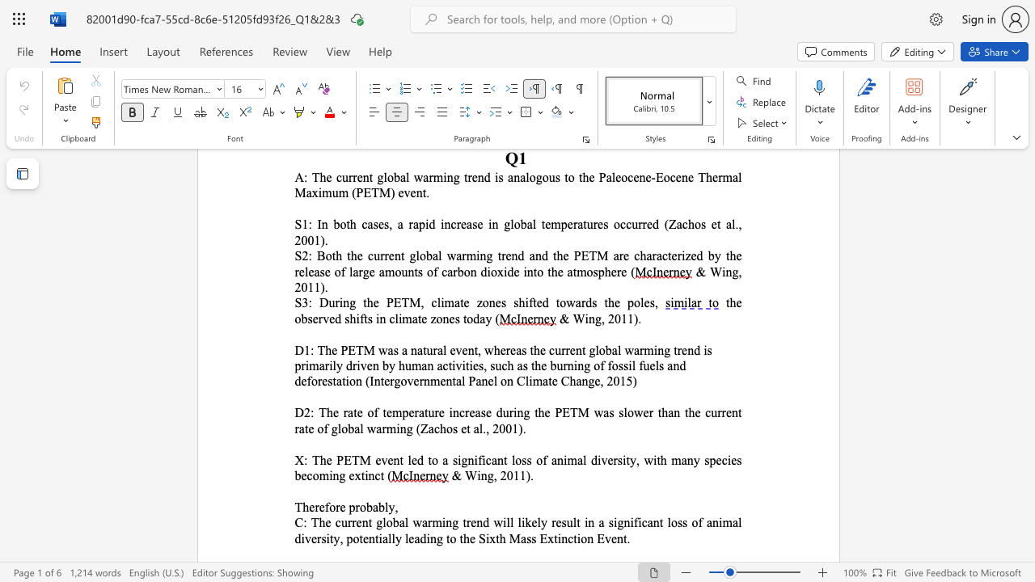 The image size is (1035, 582). I want to click on the subset text "emperature i" within the text "D2: The rate of temperature i", so click(385, 411).